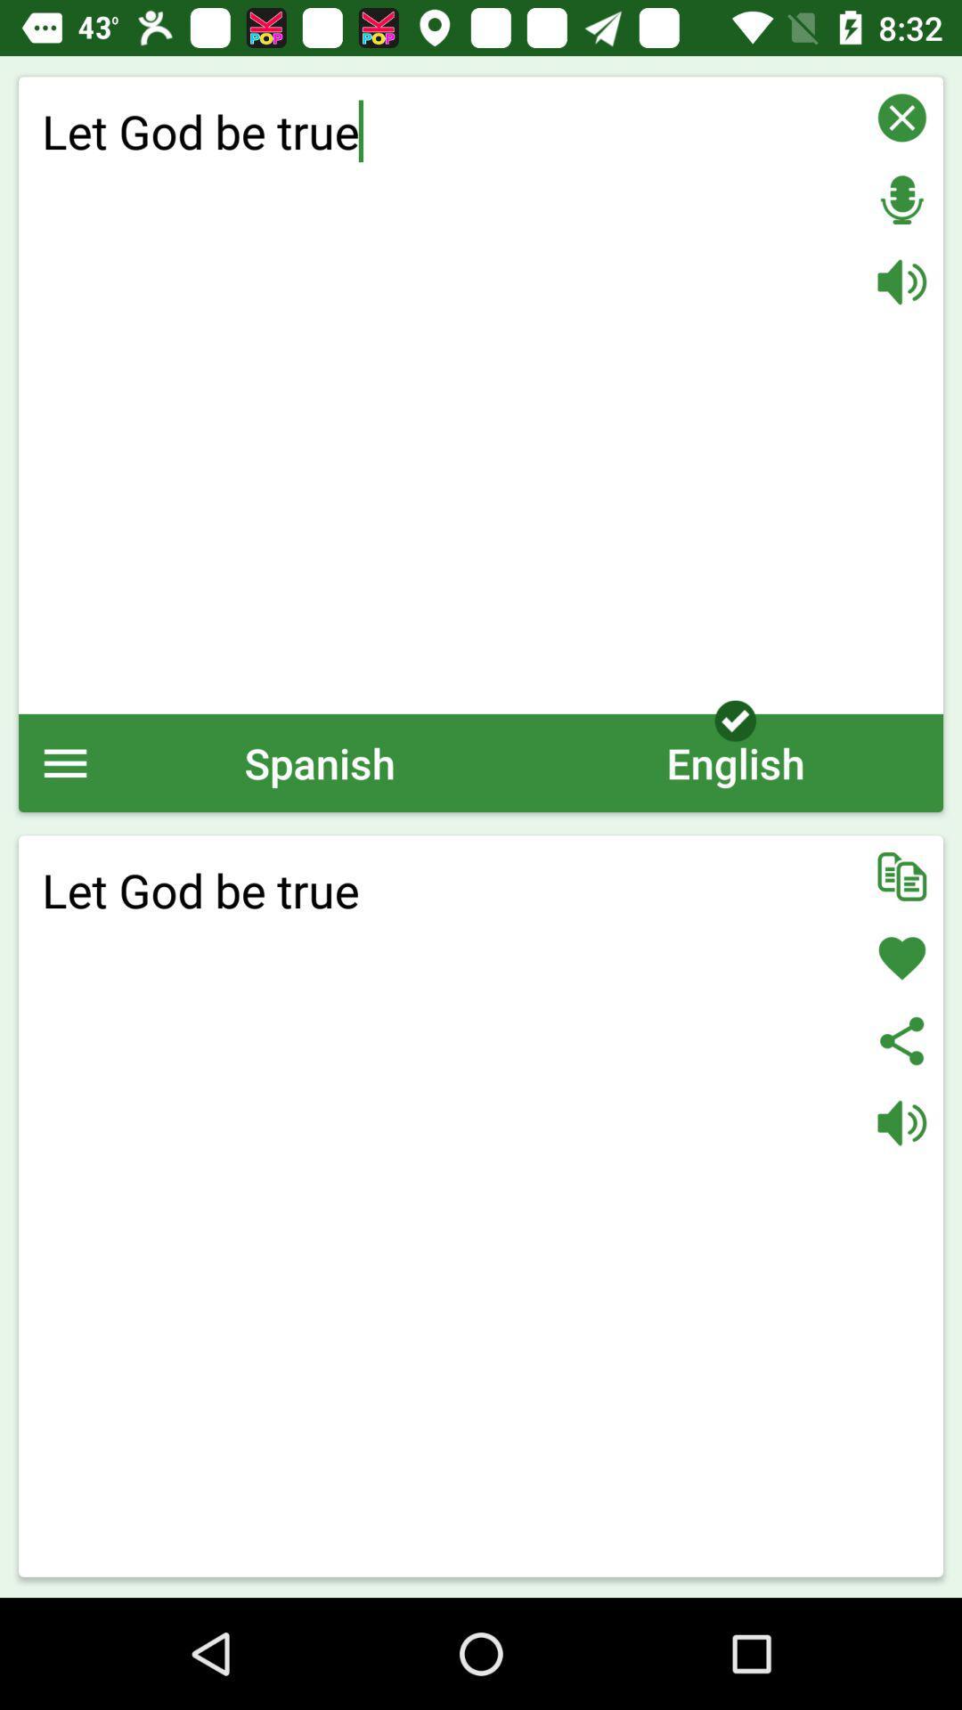 This screenshot has height=1710, width=962. I want to click on speak the text, so click(901, 1122).